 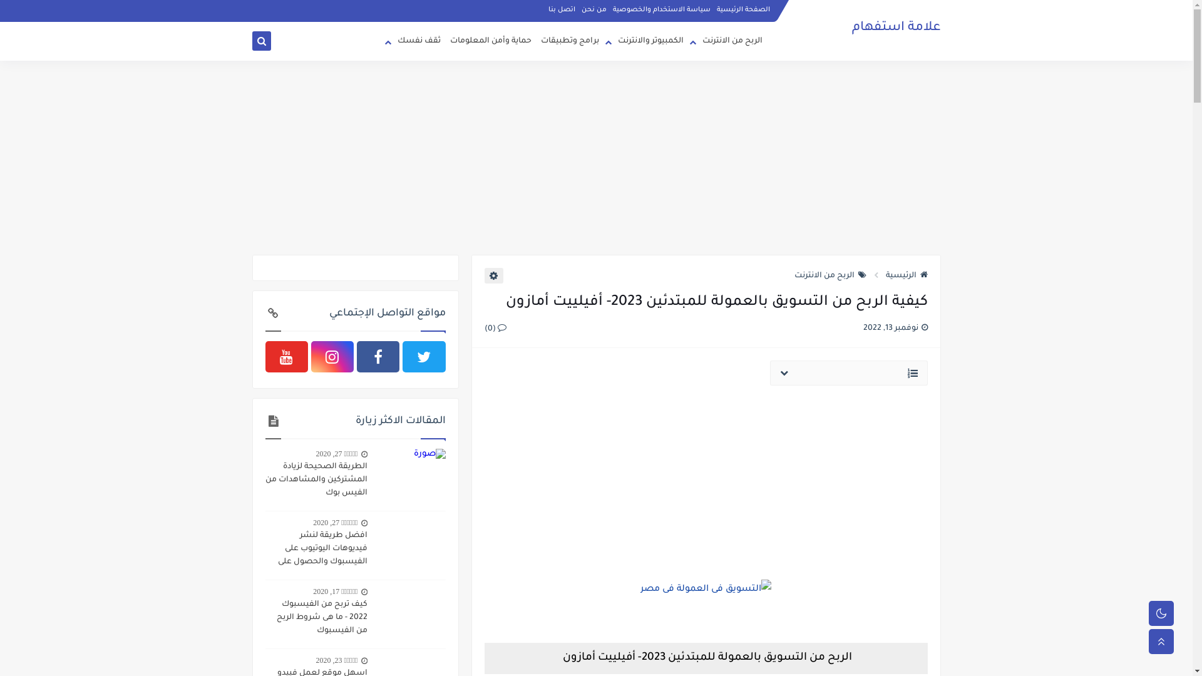 I want to click on 'youtube', so click(x=264, y=357).